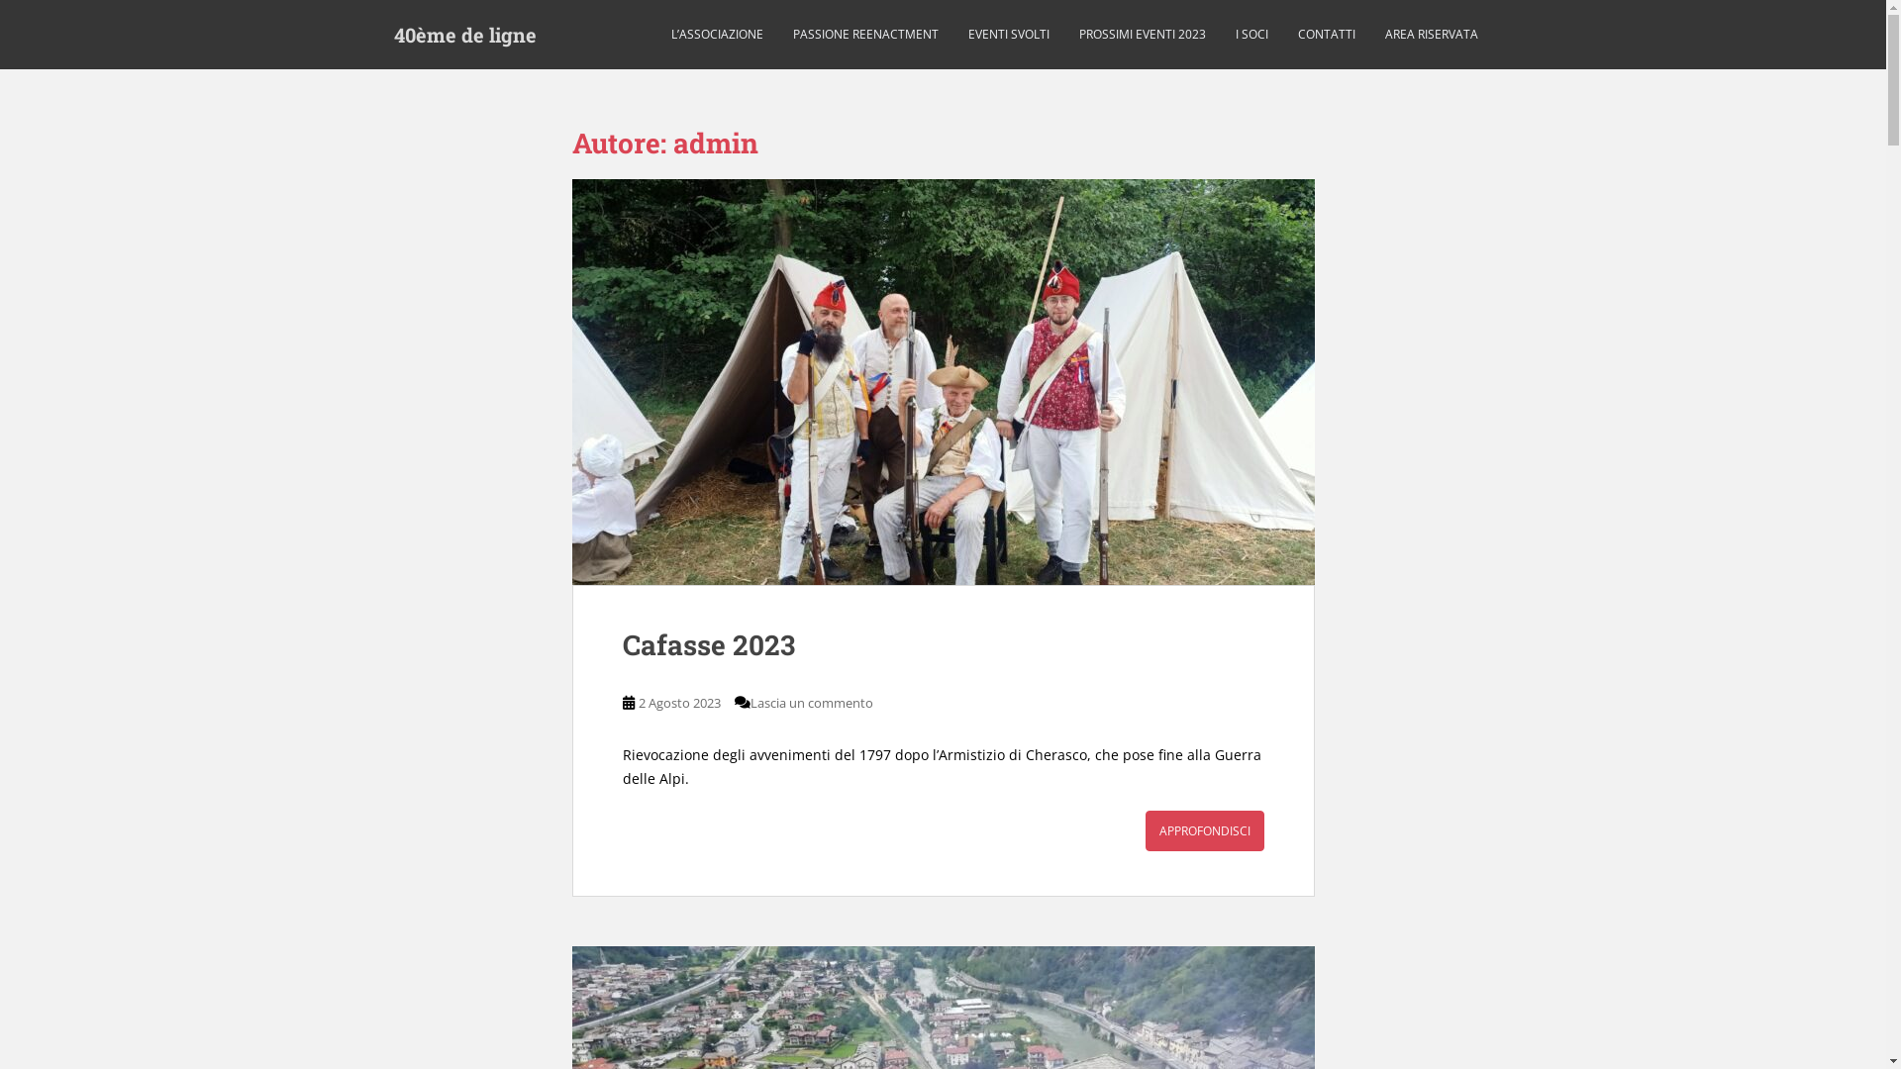  What do you see at coordinates (1430, 34) in the screenshot?
I see `'AREA RISERVATA'` at bounding box center [1430, 34].